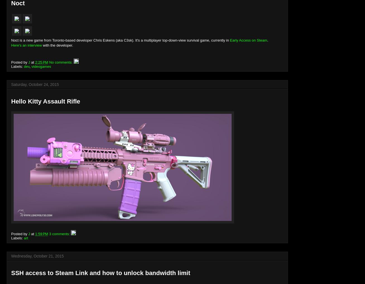  I want to click on 'Early Access on Steam', so click(248, 40).